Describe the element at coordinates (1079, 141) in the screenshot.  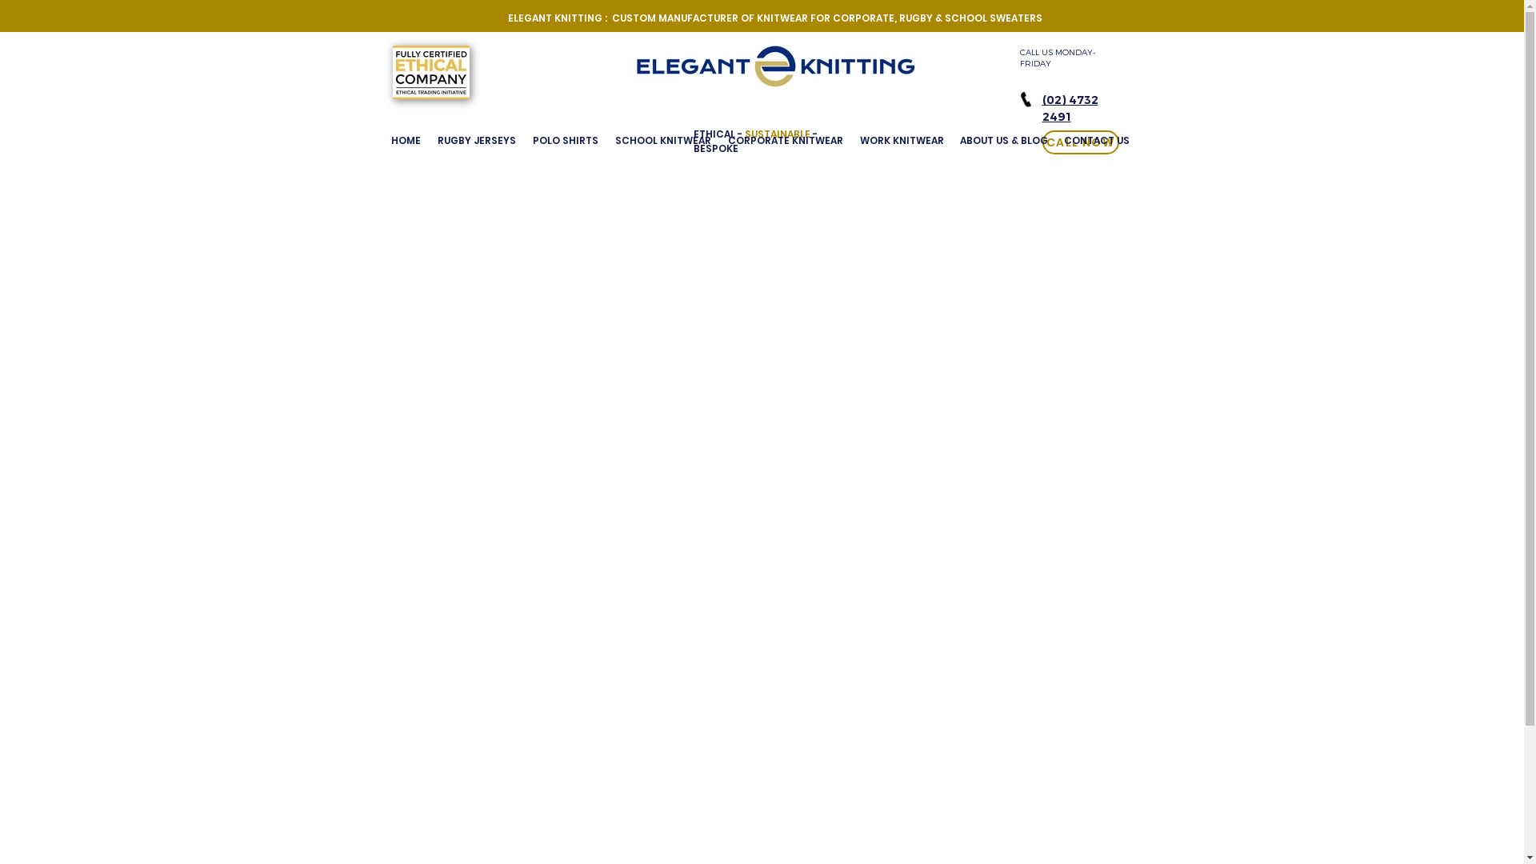
I see `'CALL NOW'` at that location.